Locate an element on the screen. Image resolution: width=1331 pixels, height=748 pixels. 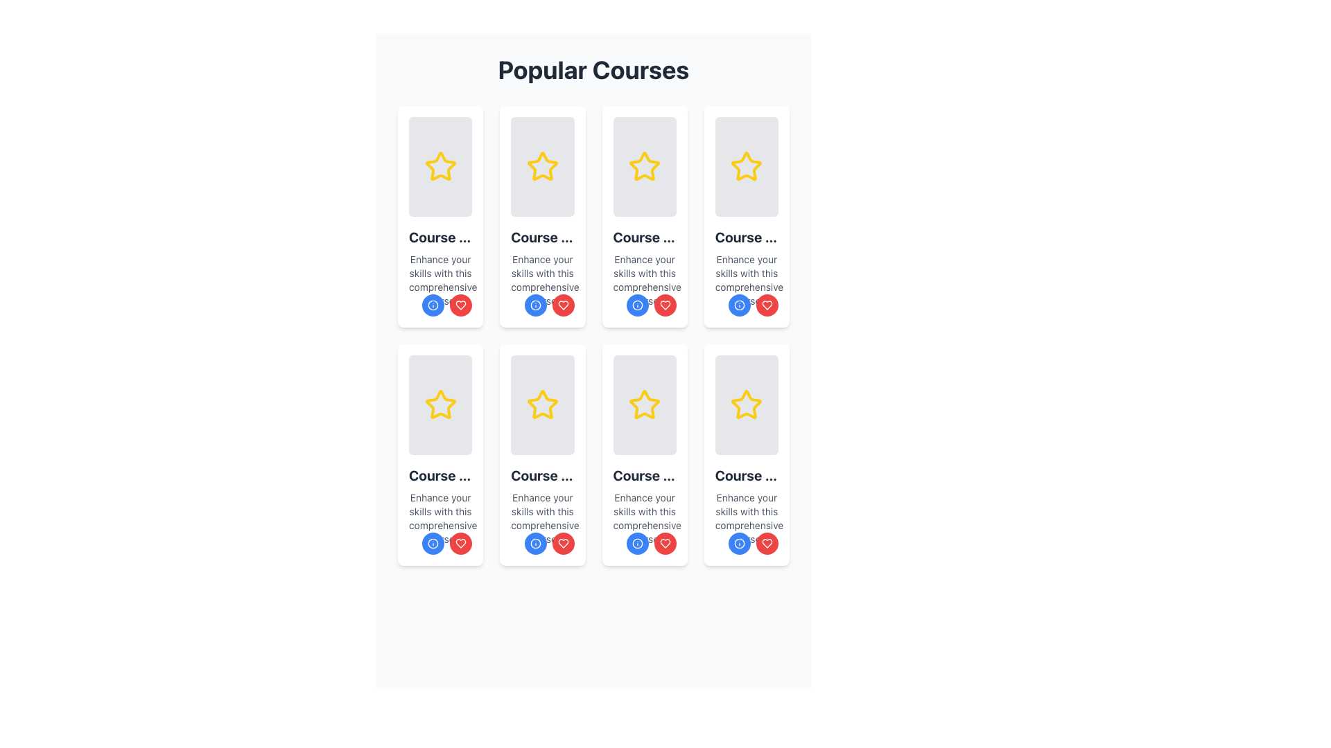
the Rating or favorite star icon located on the fourth card in the second row of the grid layout under the 'Popular Courses' section is located at coordinates (644, 404).